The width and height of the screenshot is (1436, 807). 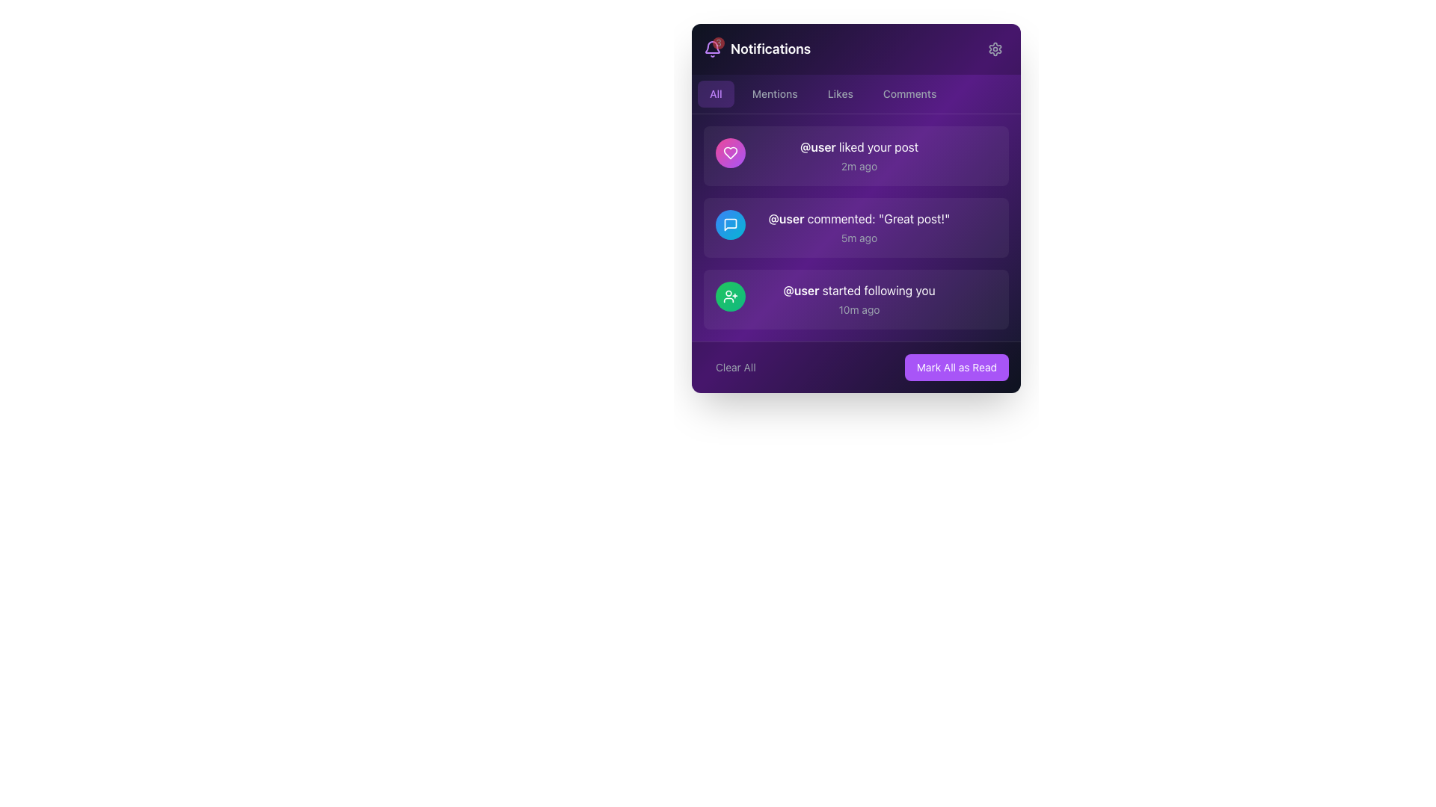 What do you see at coordinates (715, 94) in the screenshot?
I see `the first button labeled 'All' in the notification panel` at bounding box center [715, 94].